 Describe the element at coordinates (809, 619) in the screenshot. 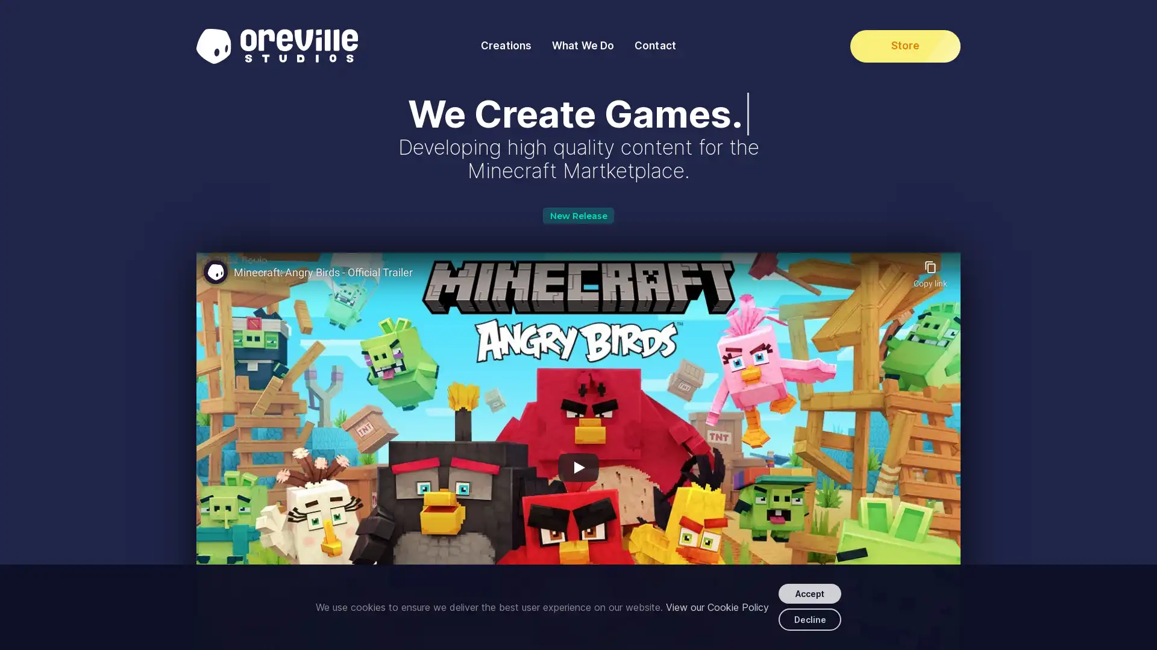

I see `Decline` at that location.